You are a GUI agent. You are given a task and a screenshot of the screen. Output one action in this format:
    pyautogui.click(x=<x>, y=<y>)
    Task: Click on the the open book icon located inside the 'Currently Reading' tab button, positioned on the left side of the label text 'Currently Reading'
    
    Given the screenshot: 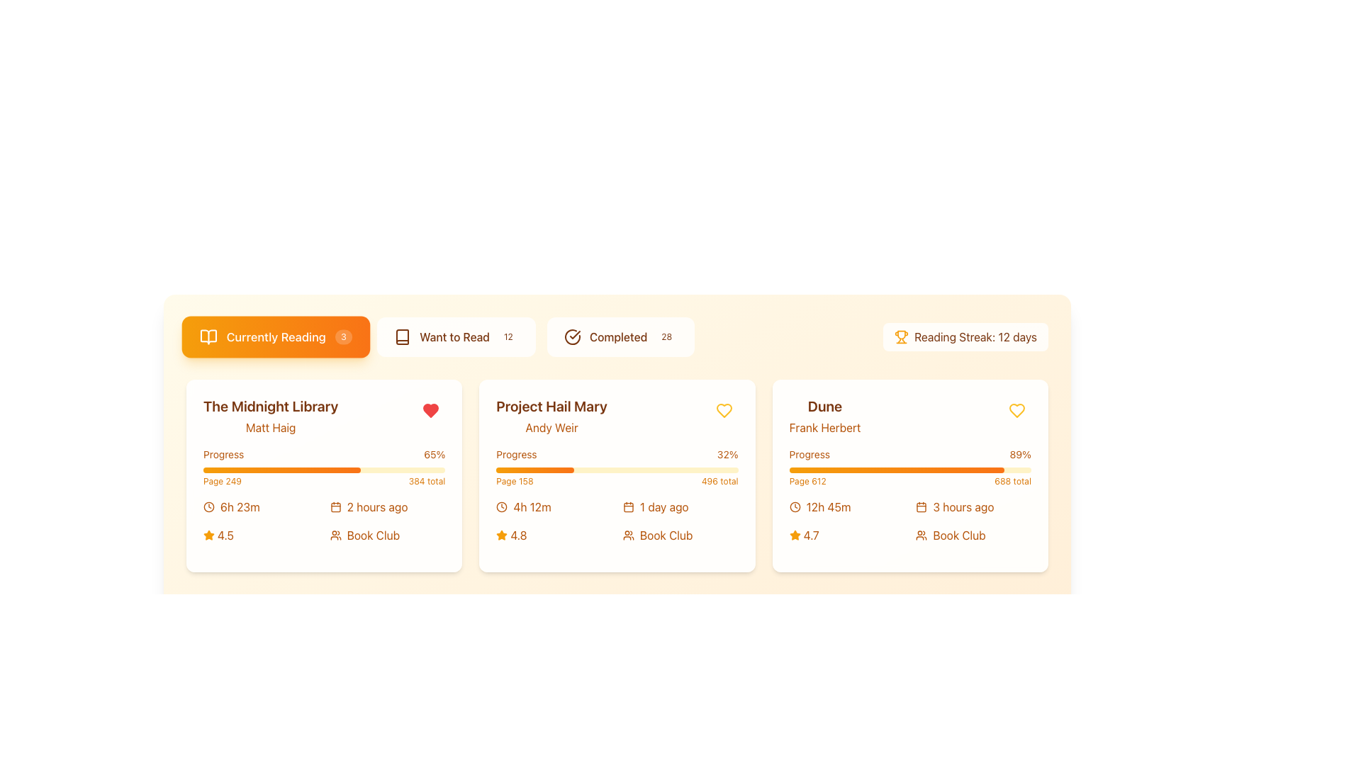 What is the action you would take?
    pyautogui.click(x=208, y=336)
    